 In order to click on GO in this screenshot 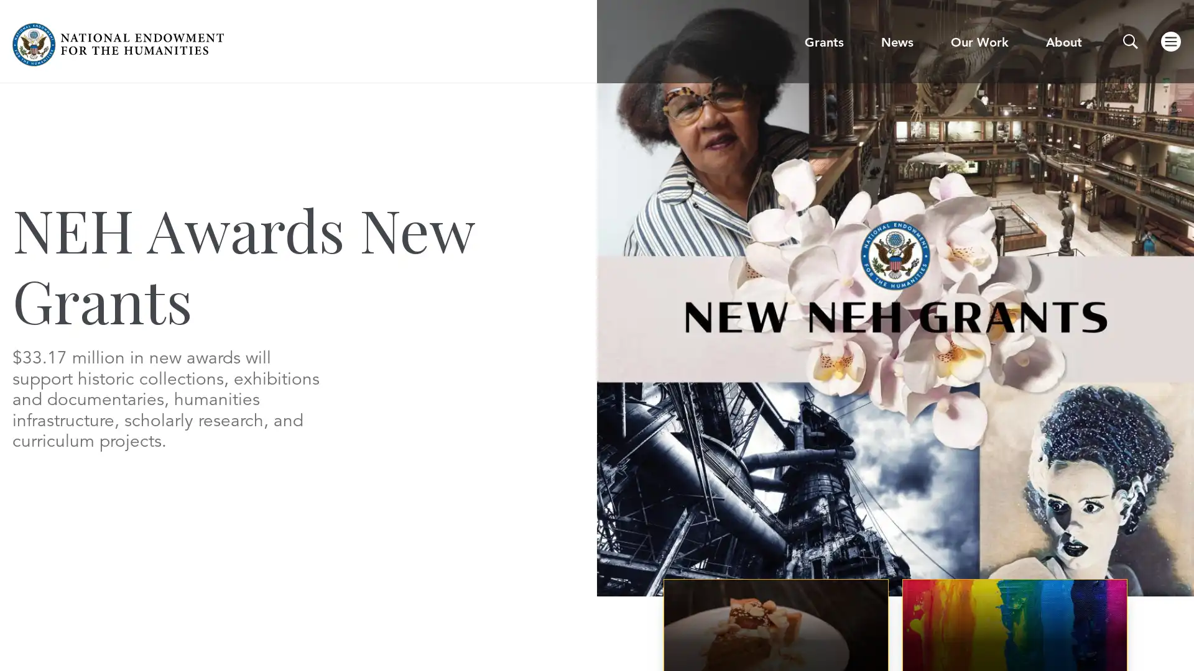, I will do `click(807, 48)`.